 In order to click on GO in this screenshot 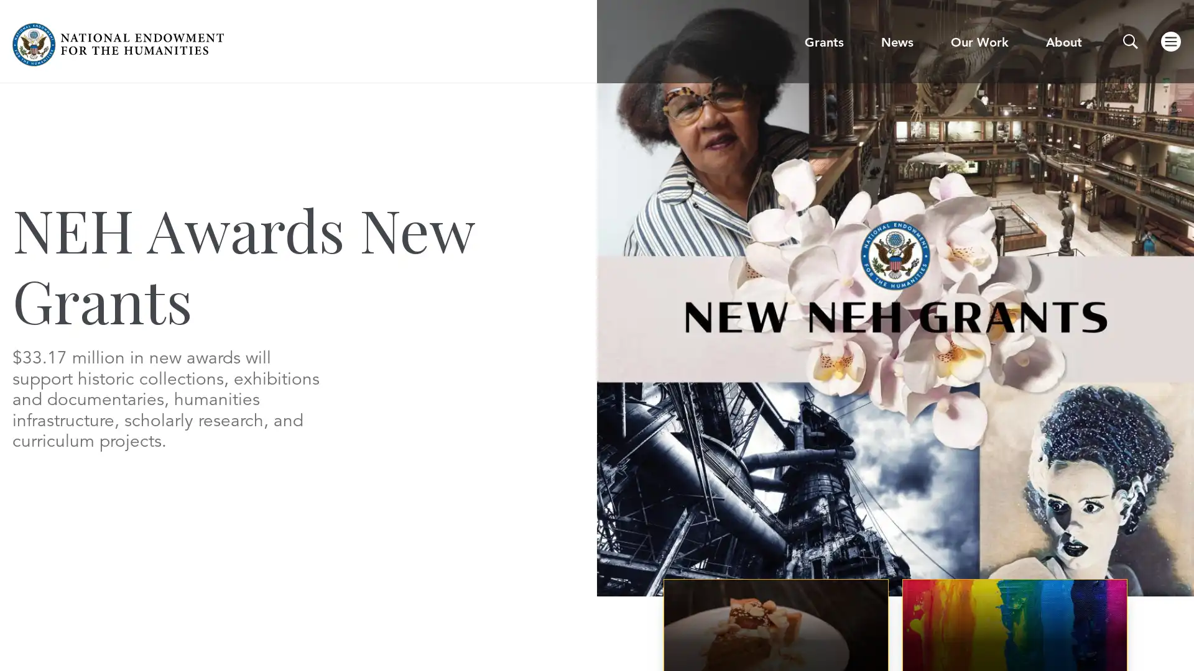, I will do `click(807, 48)`.